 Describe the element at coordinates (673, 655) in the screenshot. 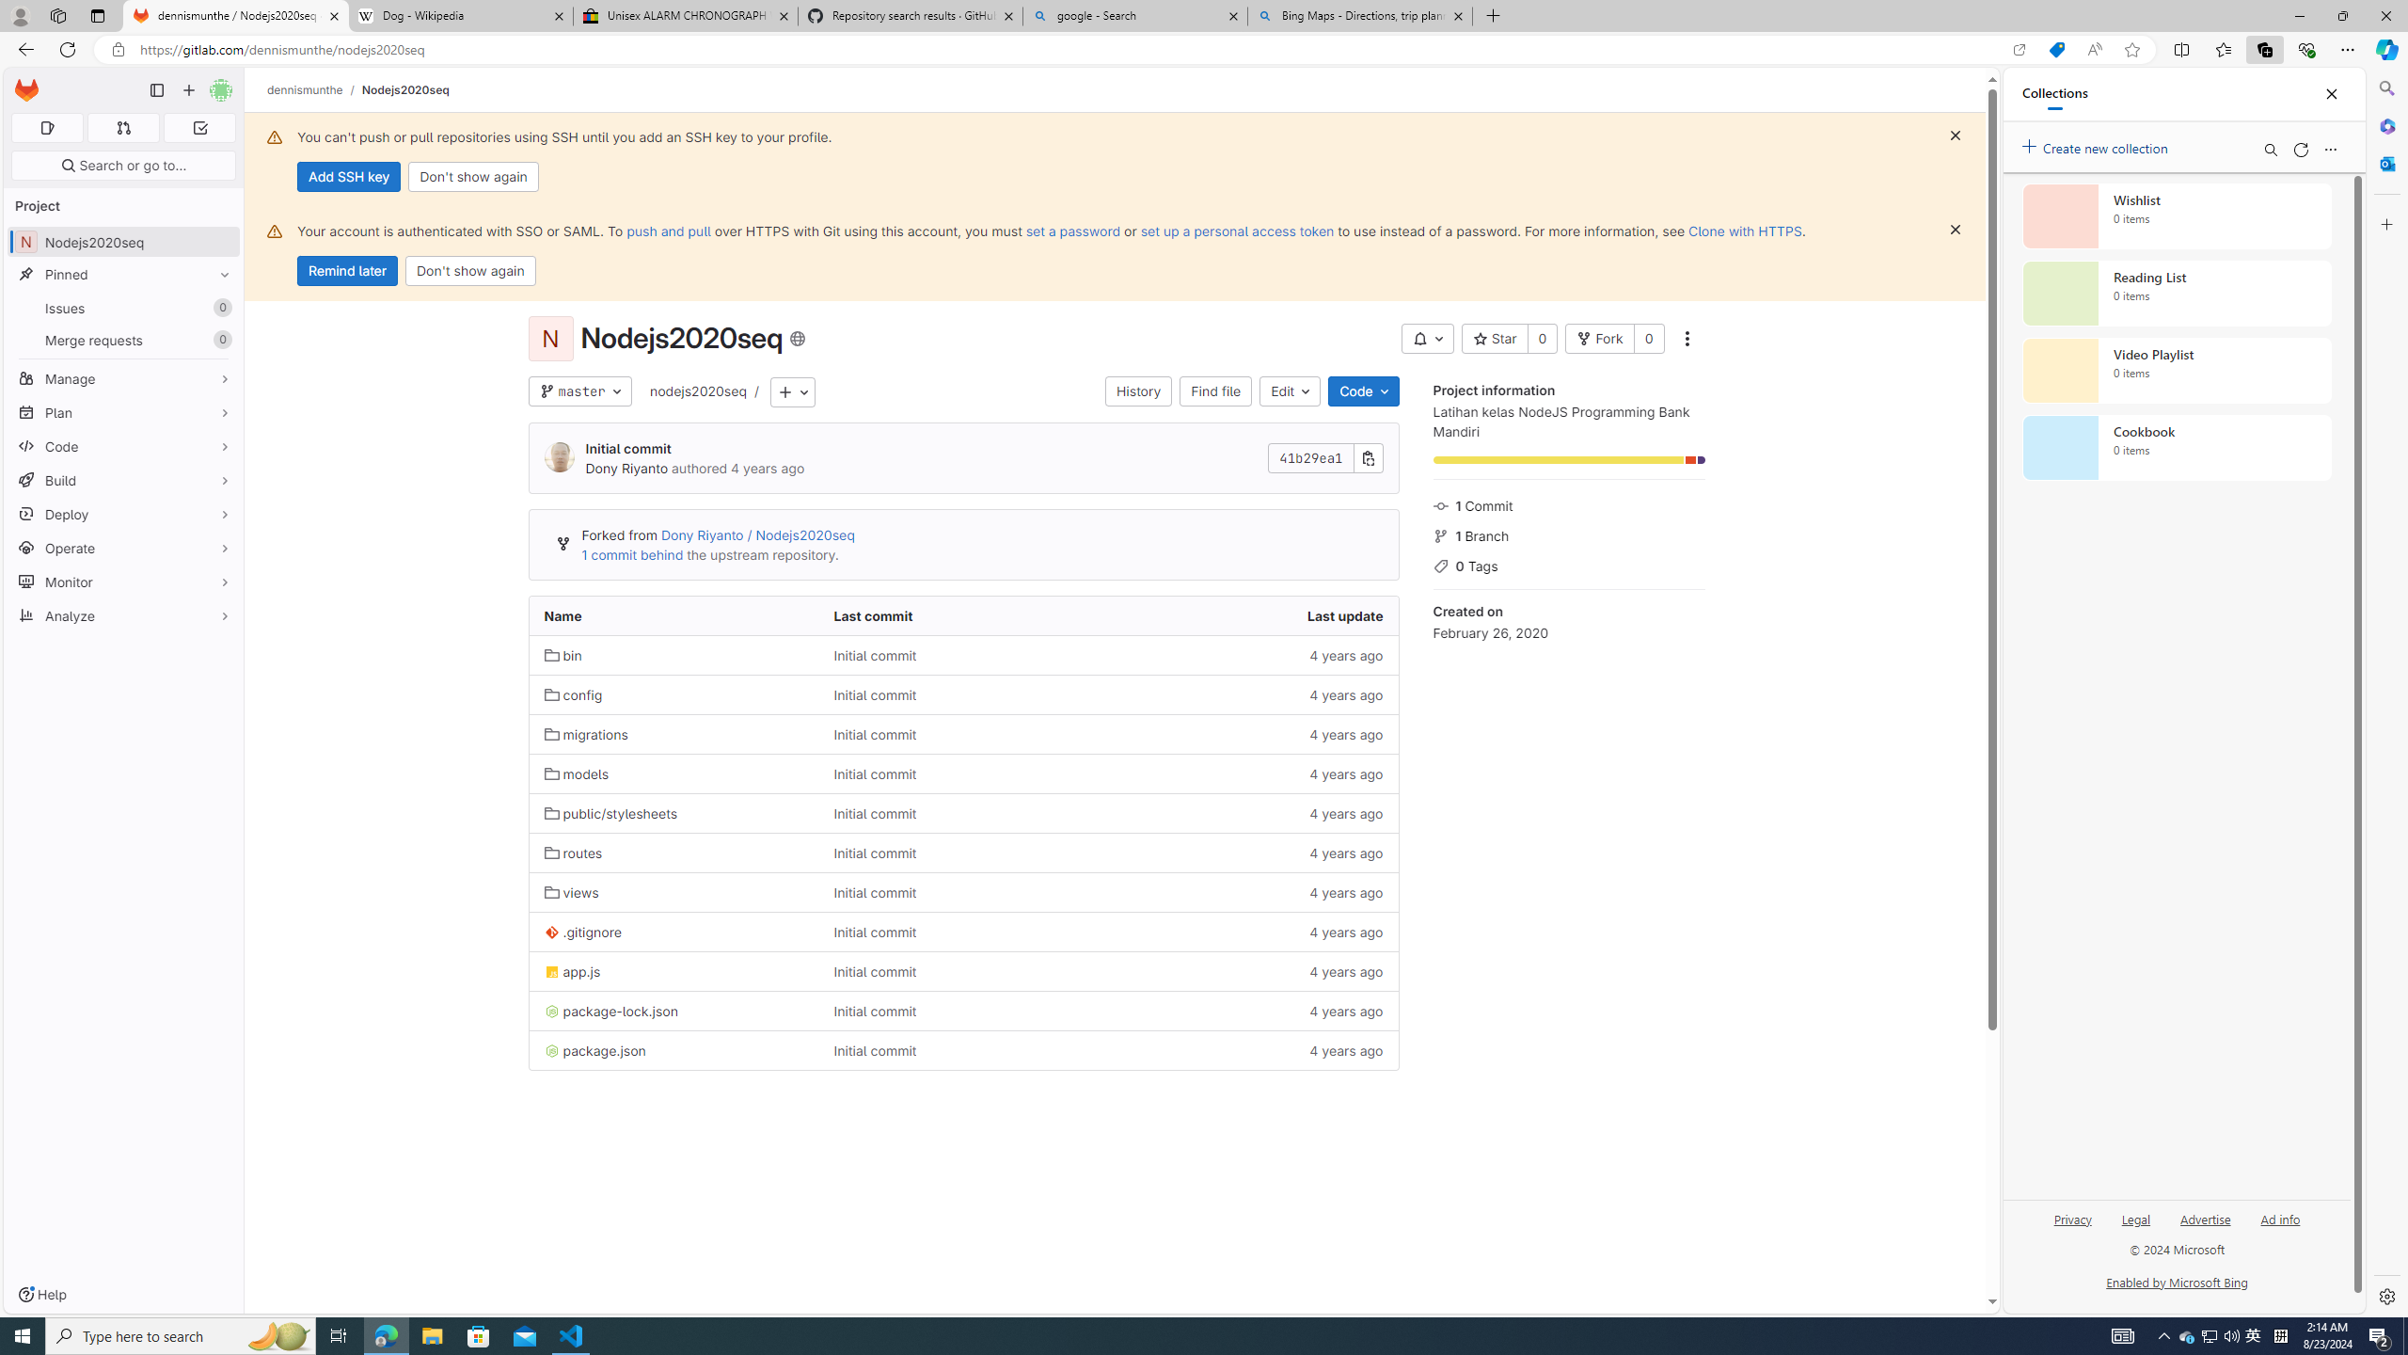

I see `'bin'` at that location.